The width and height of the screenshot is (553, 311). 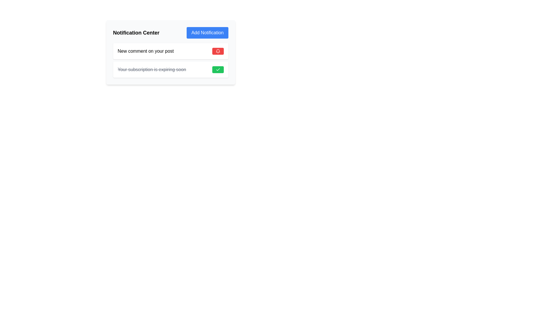 I want to click on the green confirmation button with a white checkmark icon, located to the far right of the text 'Your subscription is expiring soon.', so click(x=217, y=69).